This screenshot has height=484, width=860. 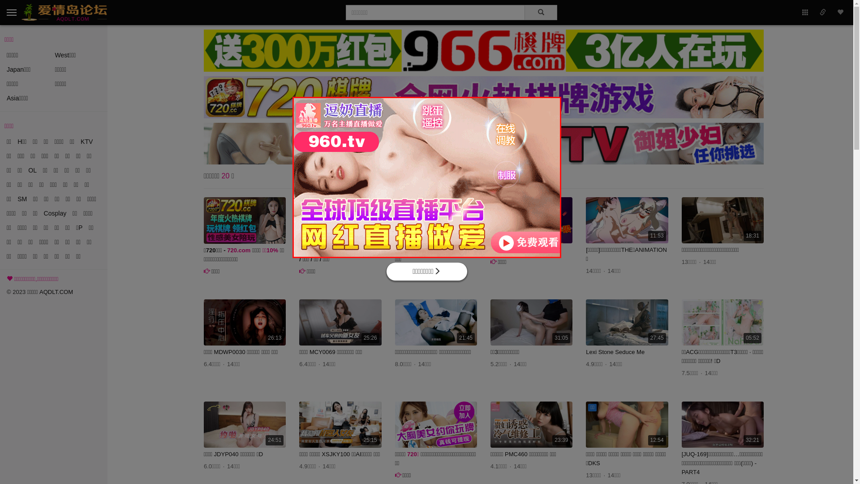 What do you see at coordinates (436, 322) in the screenshot?
I see `'21:45'` at bounding box center [436, 322].